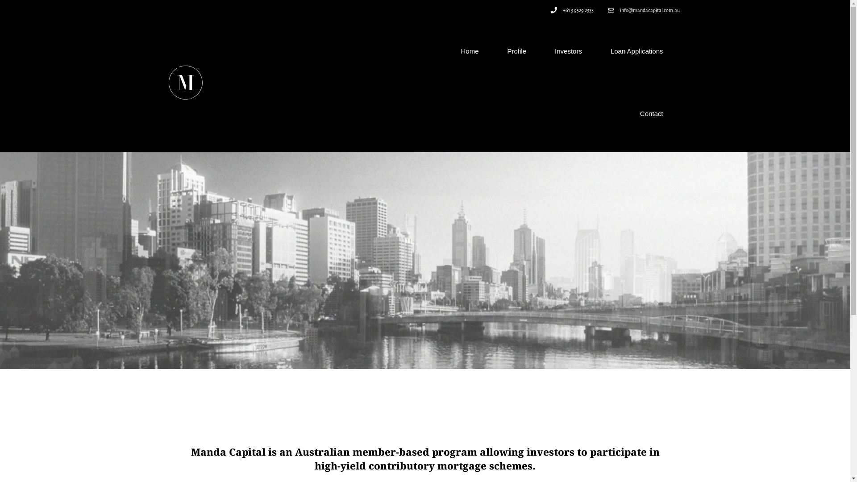 The width and height of the screenshot is (857, 482). What do you see at coordinates (568, 51) in the screenshot?
I see `'Investors'` at bounding box center [568, 51].